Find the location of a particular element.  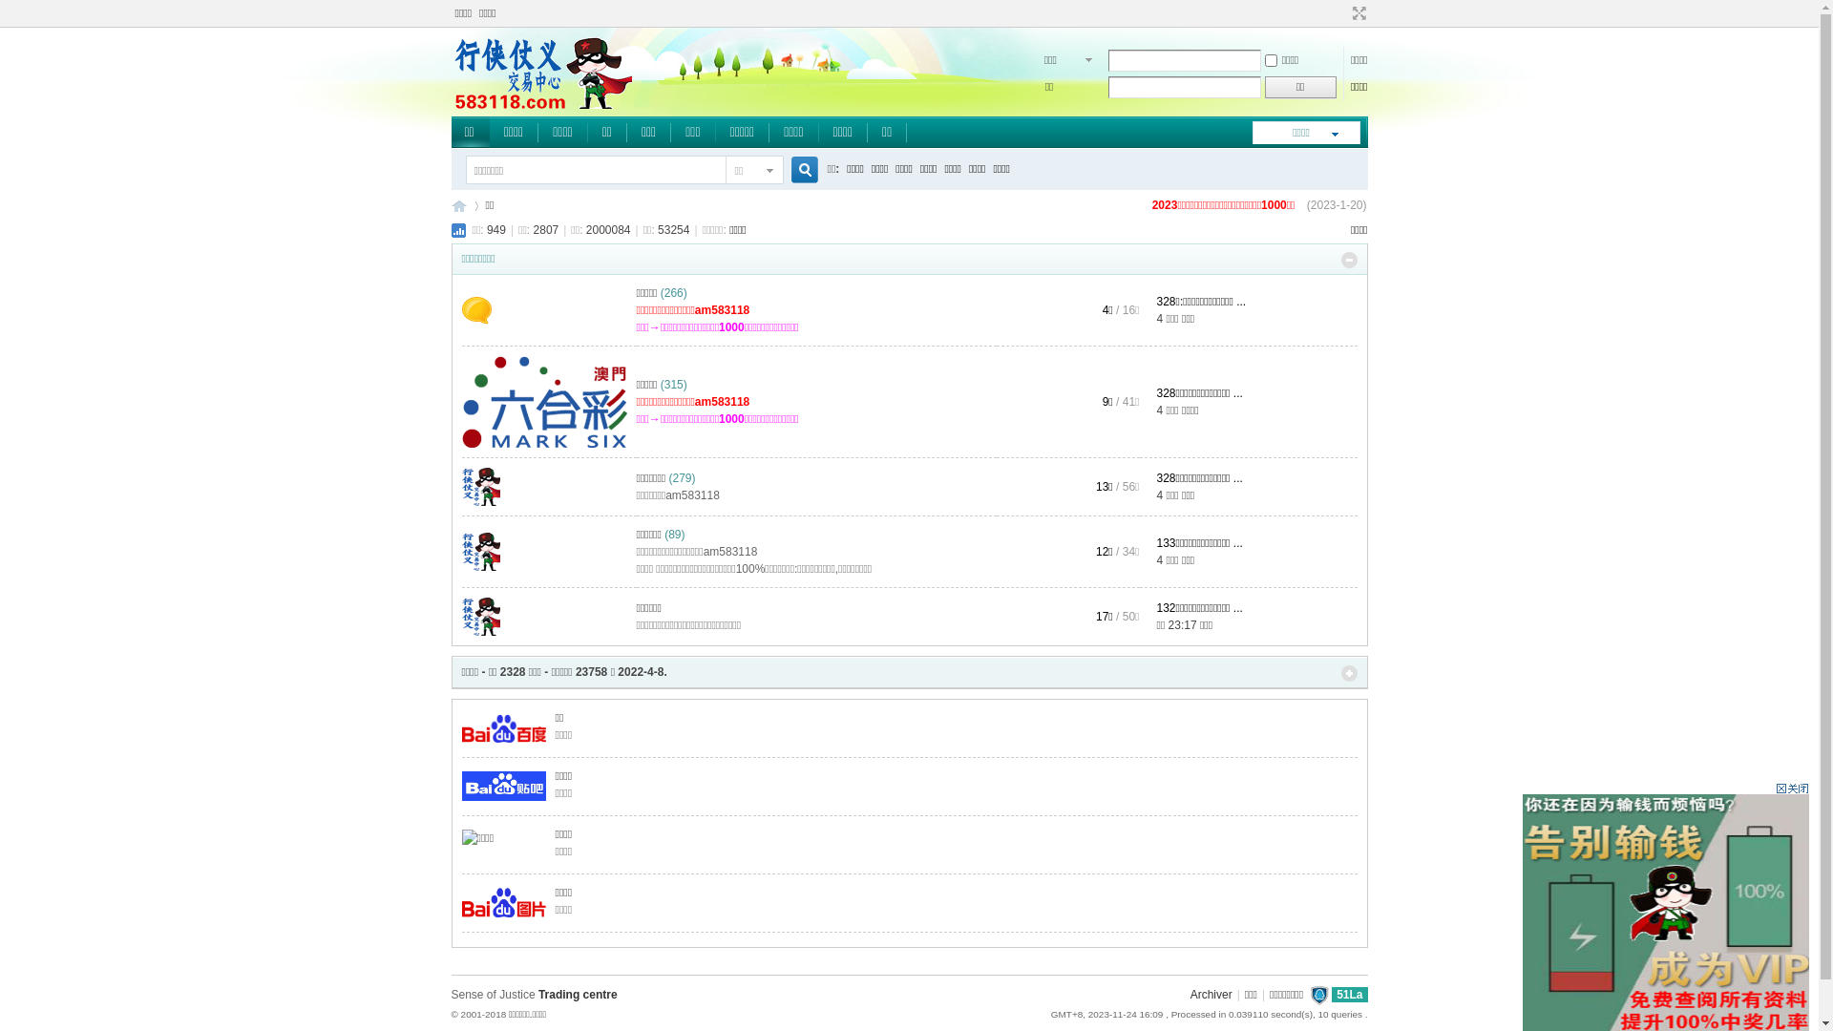

'Trading centre' is located at coordinates (577, 993).